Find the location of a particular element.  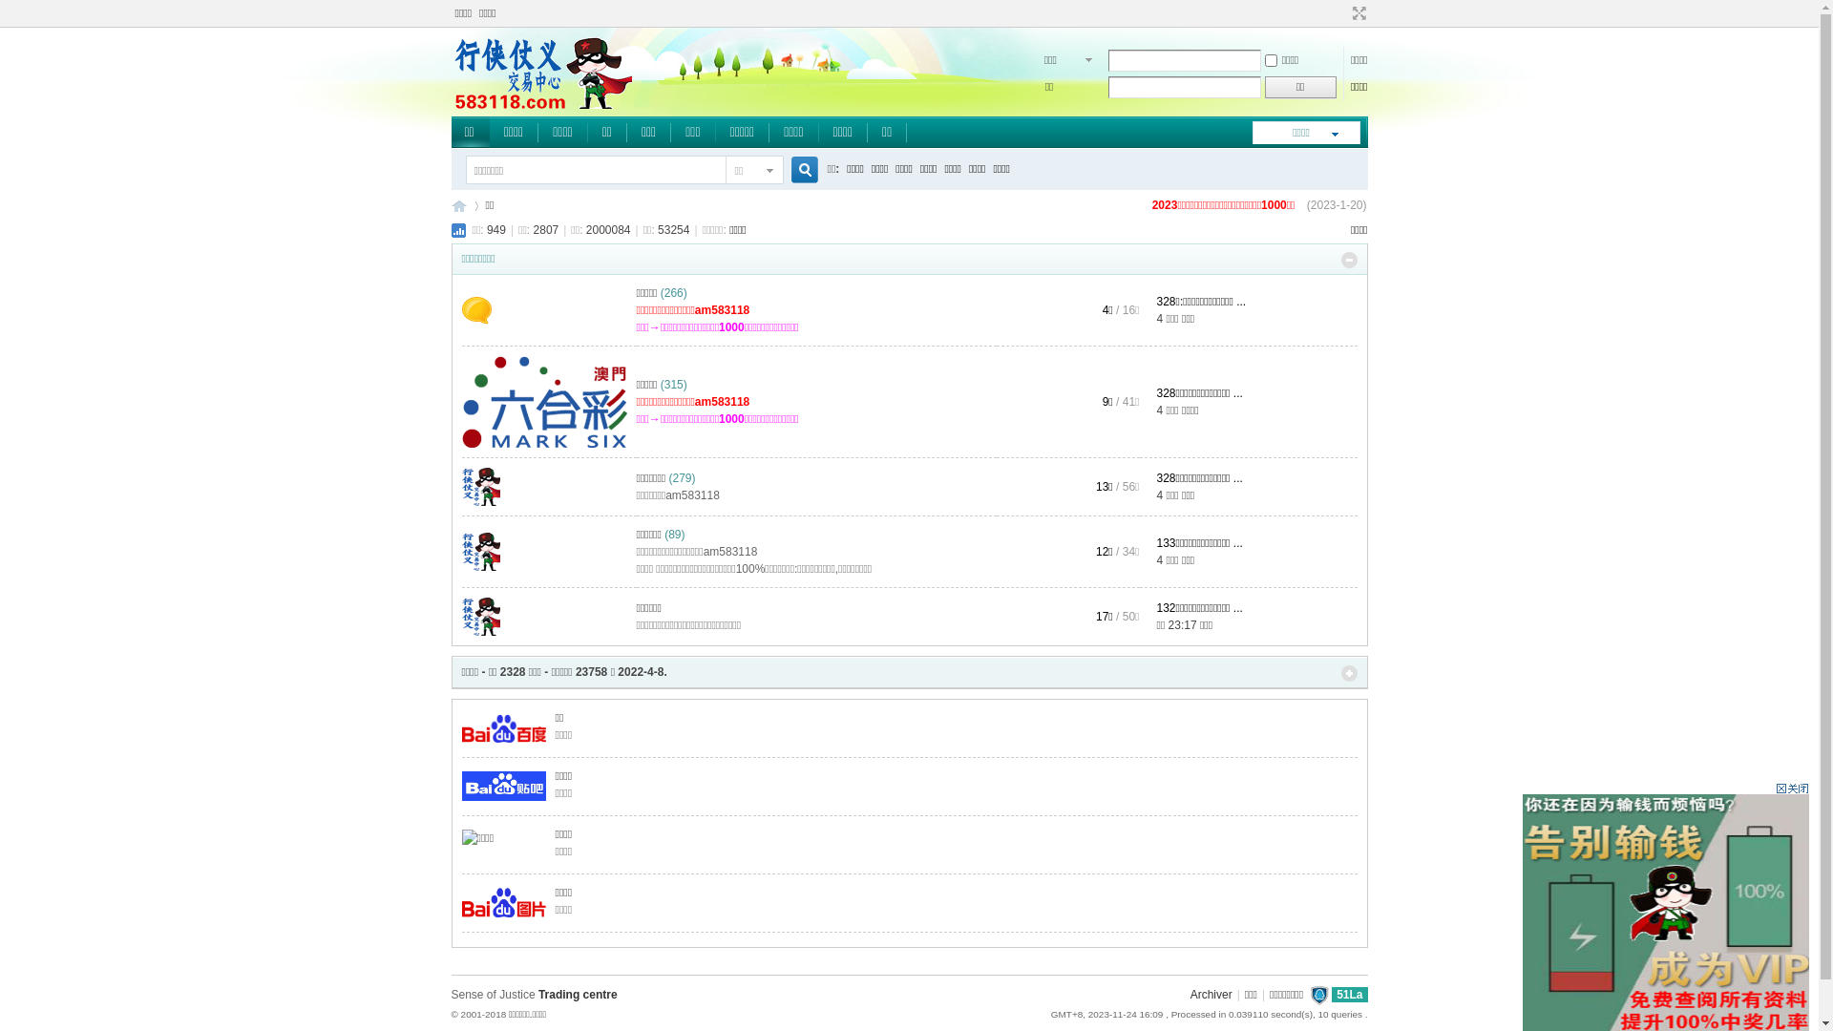

'Trading centre' is located at coordinates (577, 993).